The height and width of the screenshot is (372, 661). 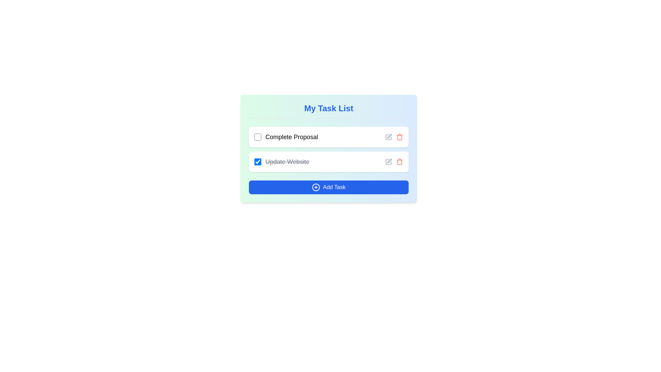 I want to click on the edit icon located to the right of the 'Update Website' task, so click(x=389, y=136).